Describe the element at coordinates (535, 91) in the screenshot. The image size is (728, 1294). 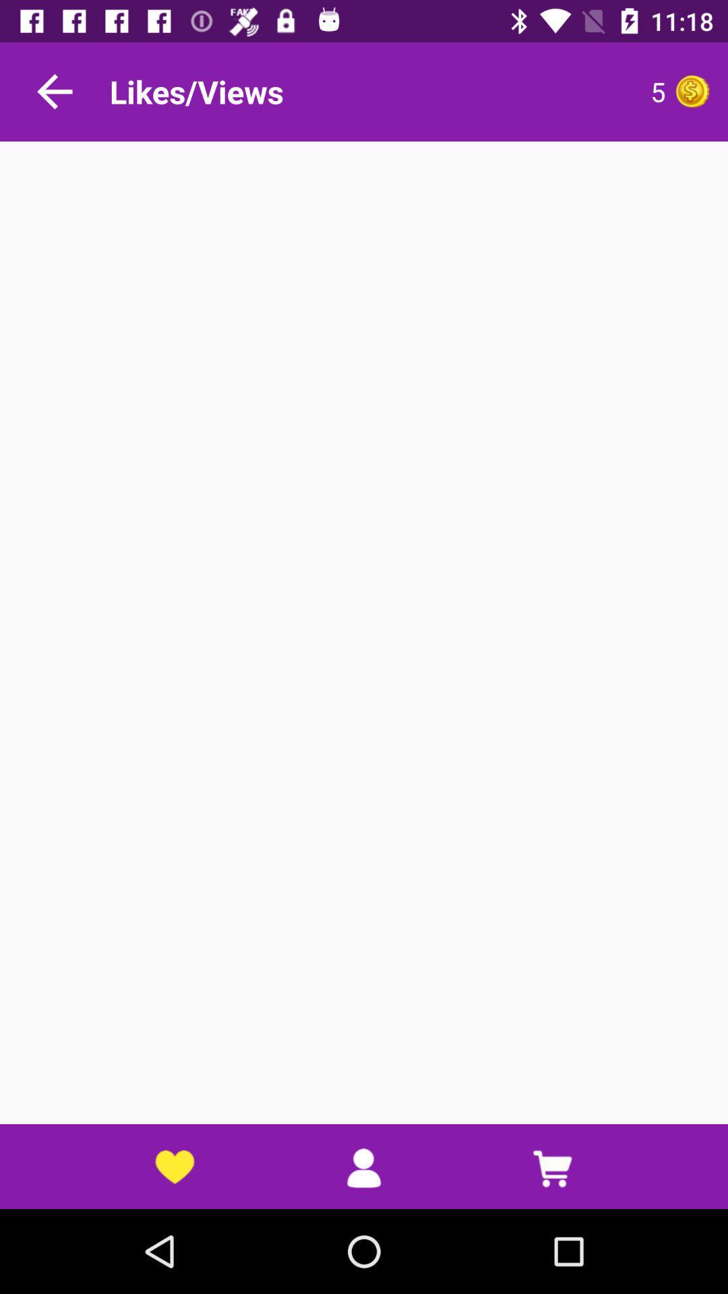
I see `5` at that location.